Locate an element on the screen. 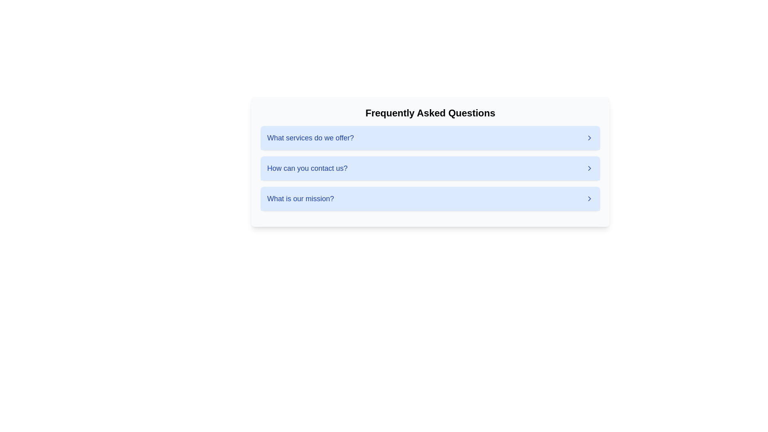  the clickable text header in the Frequently Asked Questions section is located at coordinates (307, 168).